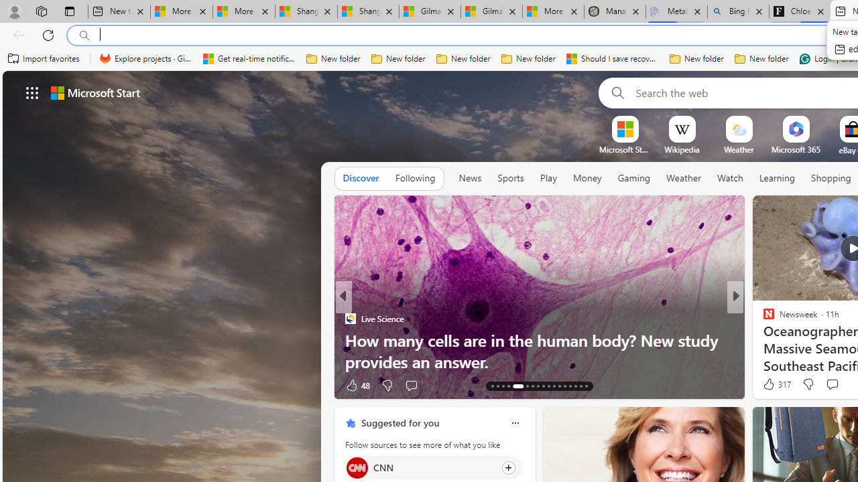 Image resolution: width=858 pixels, height=482 pixels. Describe the element at coordinates (507, 386) in the screenshot. I see `'AutomationID: tab-16'` at that location.